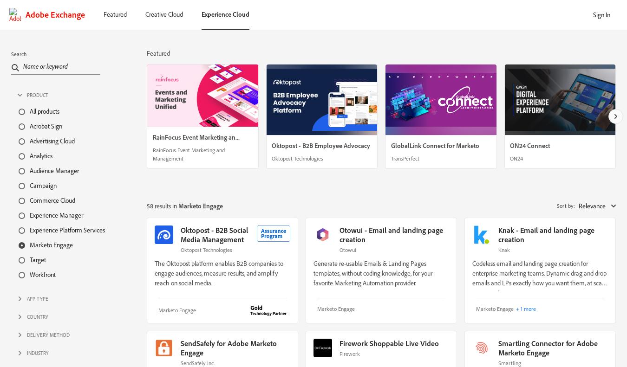 The image size is (627, 367). I want to click on 'Codeless email and landing page creation for enterprise marketing teams. Dynamic drag and drop emails and LPs exactly how you want them, at scale, connected to your MAPs.', so click(539, 277).